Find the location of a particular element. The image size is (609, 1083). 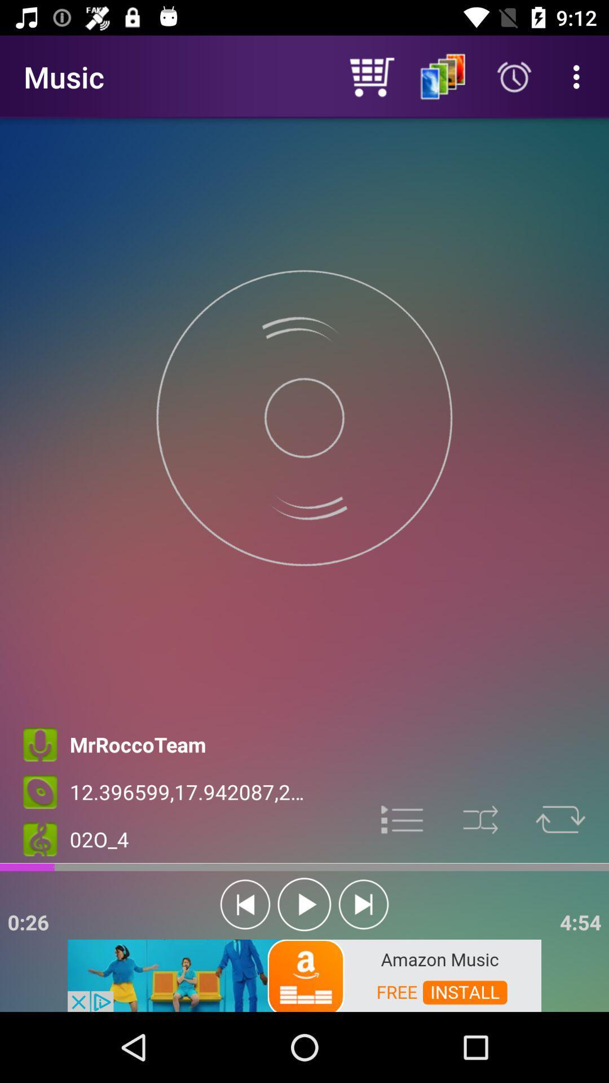

advertisement is located at coordinates (304, 974).